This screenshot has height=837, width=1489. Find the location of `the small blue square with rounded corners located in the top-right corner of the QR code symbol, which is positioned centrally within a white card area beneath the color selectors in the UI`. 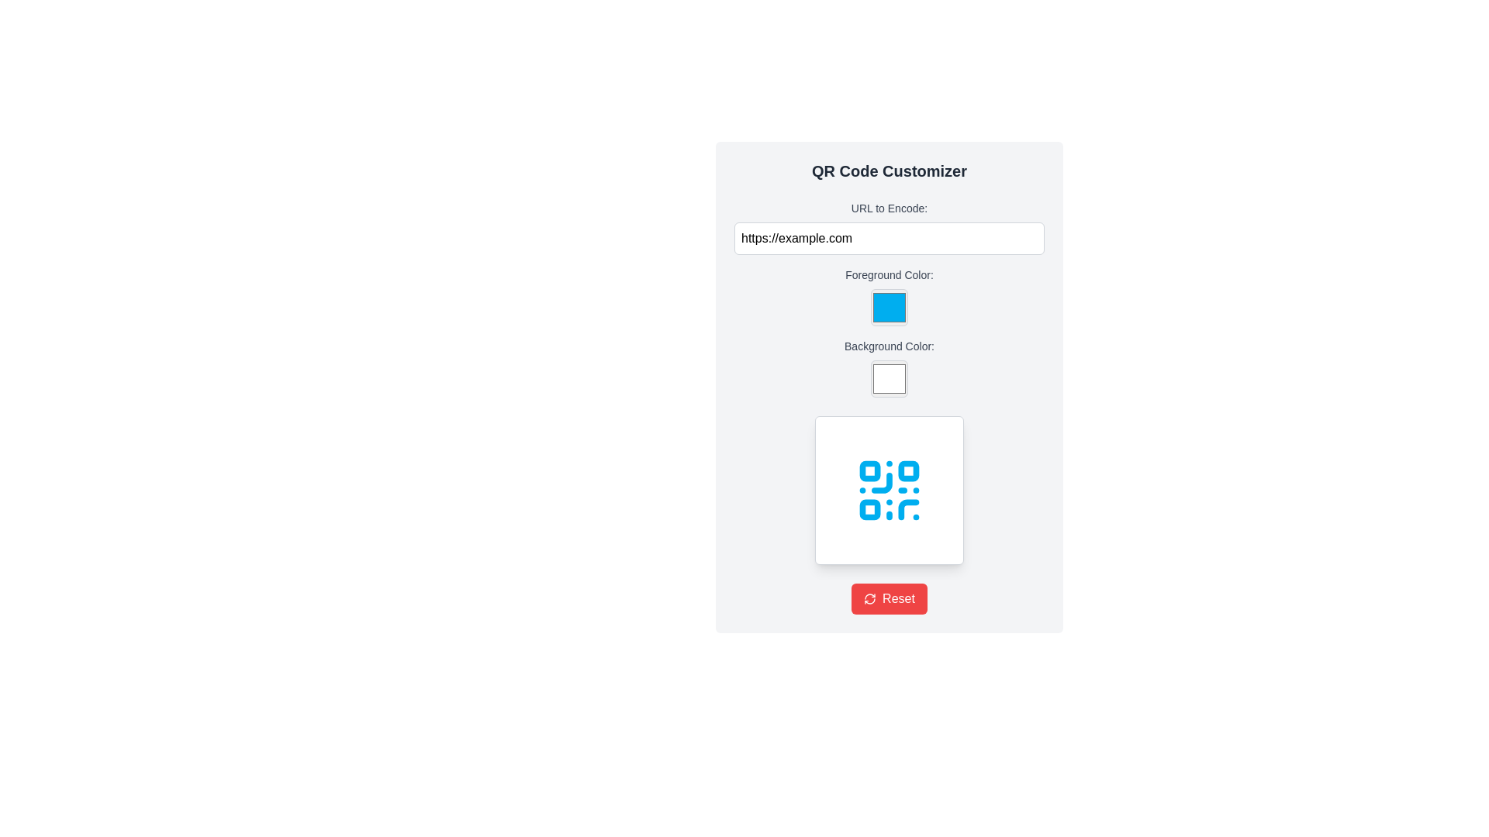

the small blue square with rounded corners located in the top-right corner of the QR code symbol, which is positioned centrally within a white card area beneath the color selectors in the UI is located at coordinates (908, 470).